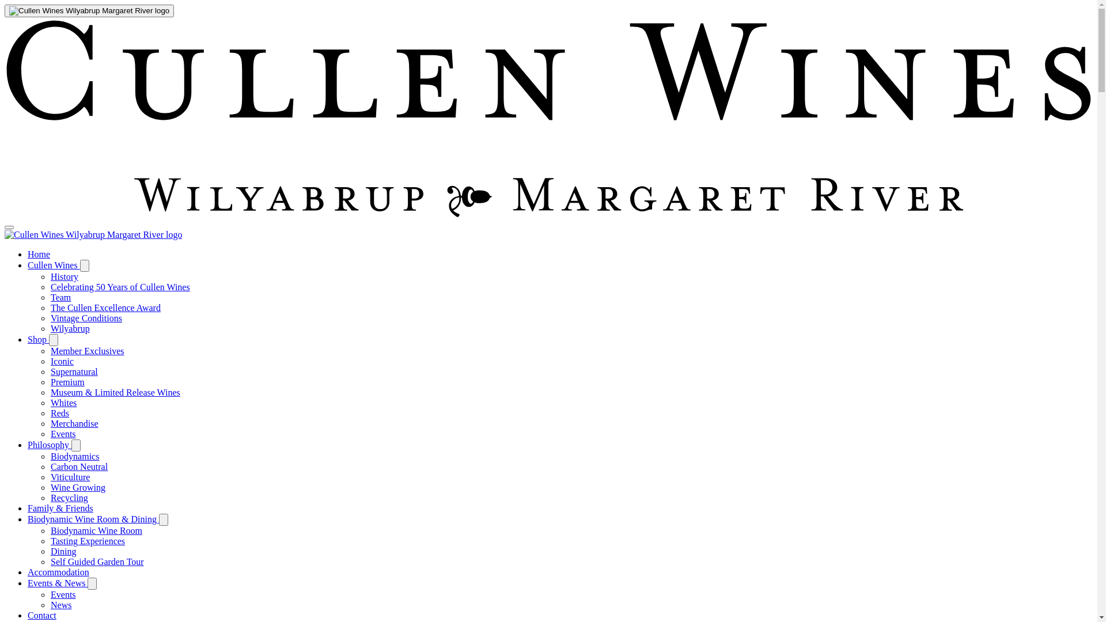  What do you see at coordinates (78, 466) in the screenshot?
I see `'Carbon Neutral'` at bounding box center [78, 466].